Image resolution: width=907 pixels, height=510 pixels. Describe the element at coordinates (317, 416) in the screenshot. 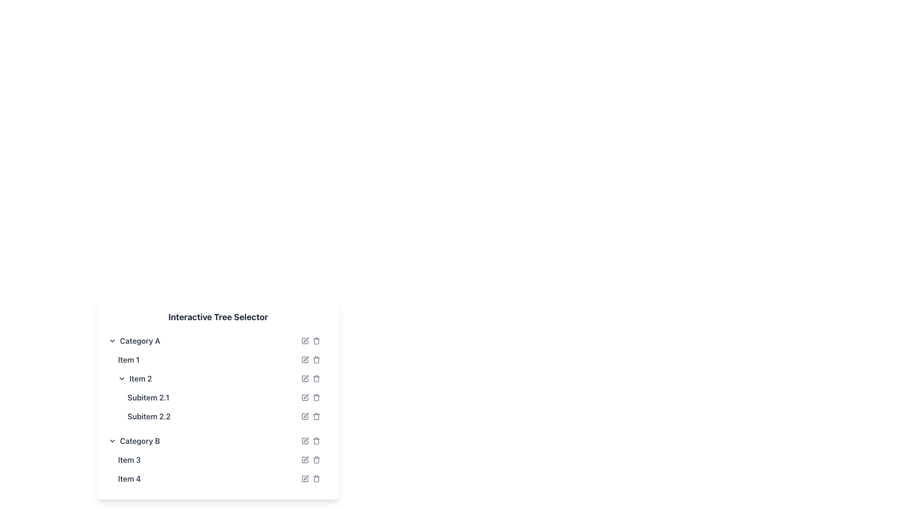

I see `the delete icon button associated with 'Subitem 2.2'` at that location.